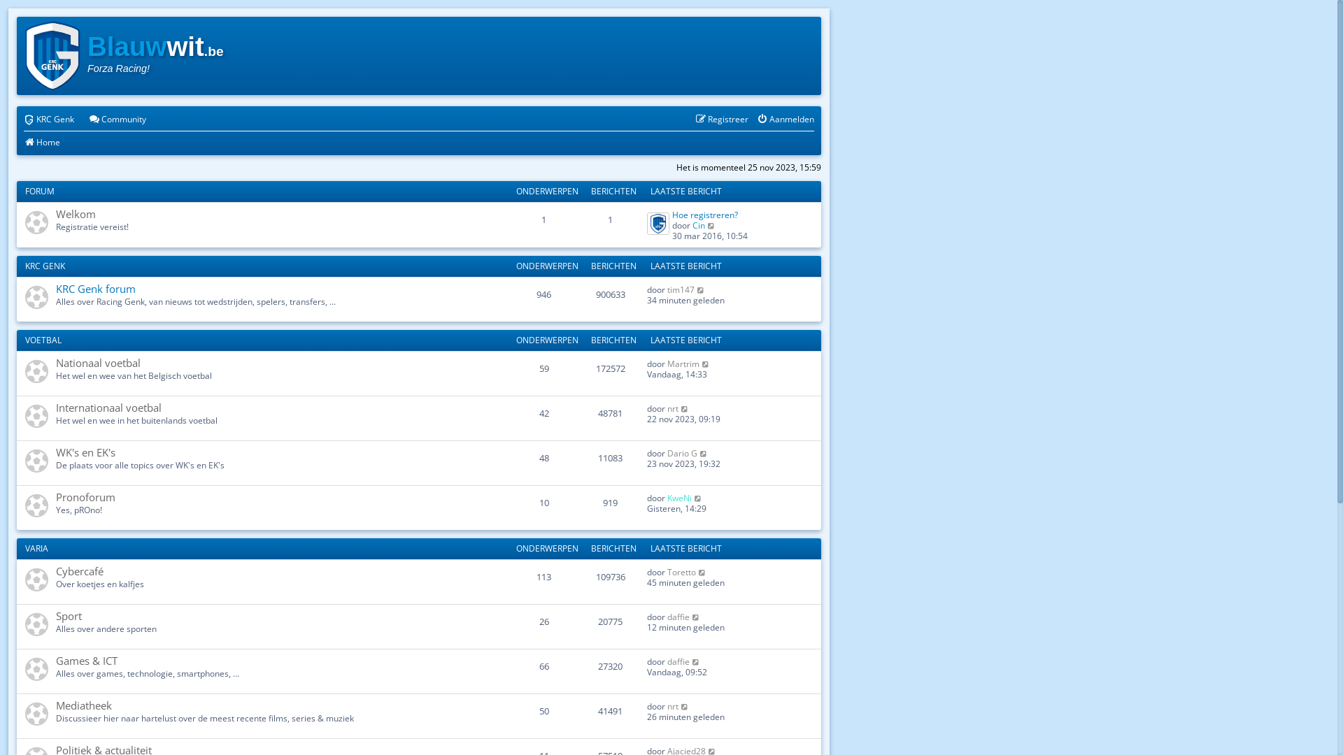 The width and height of the screenshot is (1343, 755). I want to click on 'nrt', so click(672, 408).